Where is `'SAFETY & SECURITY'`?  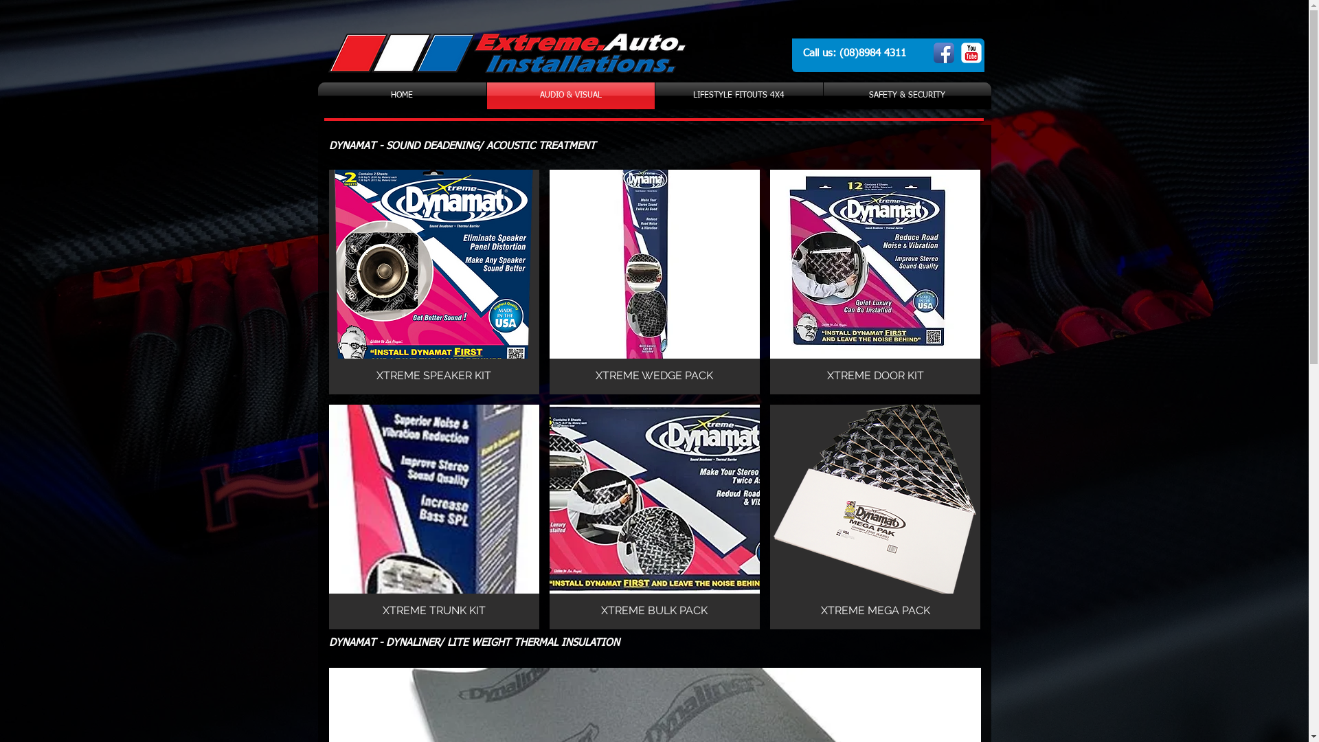
'SAFETY & SECURITY' is located at coordinates (907, 95).